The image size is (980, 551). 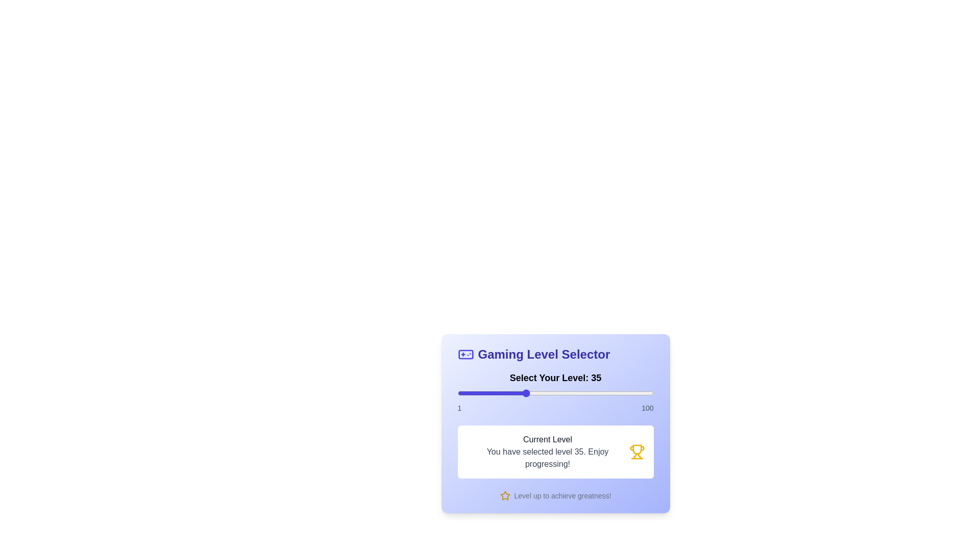 What do you see at coordinates (523, 393) in the screenshot?
I see `the level` at bounding box center [523, 393].